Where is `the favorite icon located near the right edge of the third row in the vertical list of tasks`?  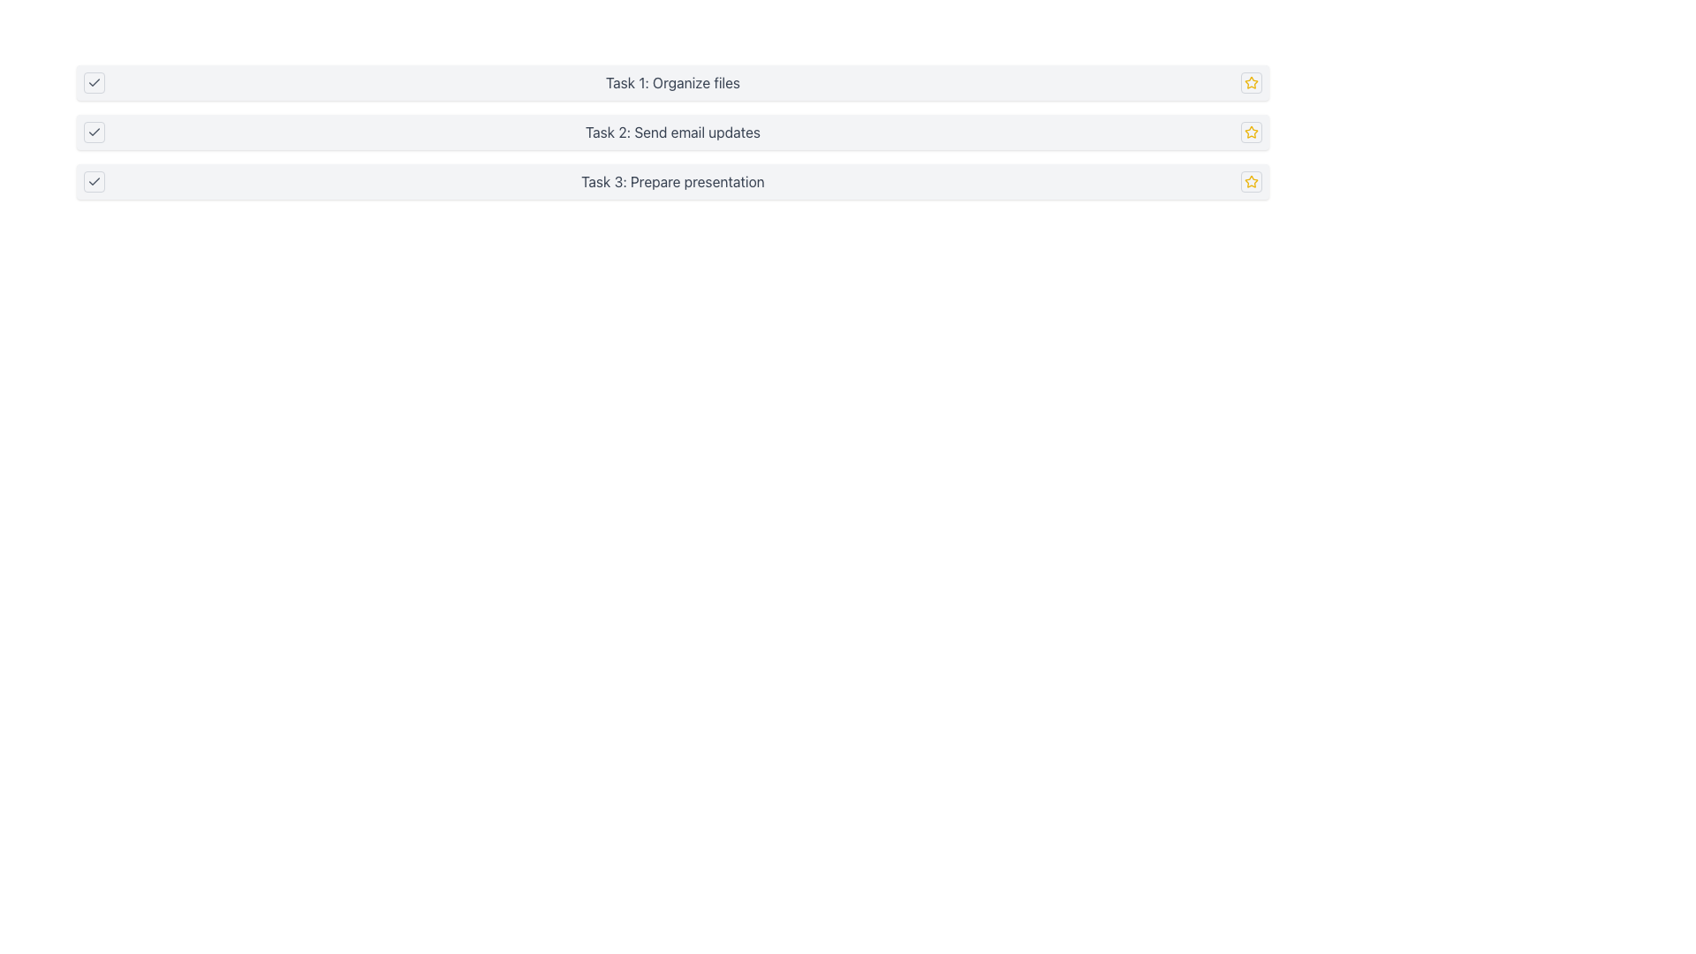 the favorite icon located near the right edge of the third row in the vertical list of tasks is located at coordinates (1250, 180).